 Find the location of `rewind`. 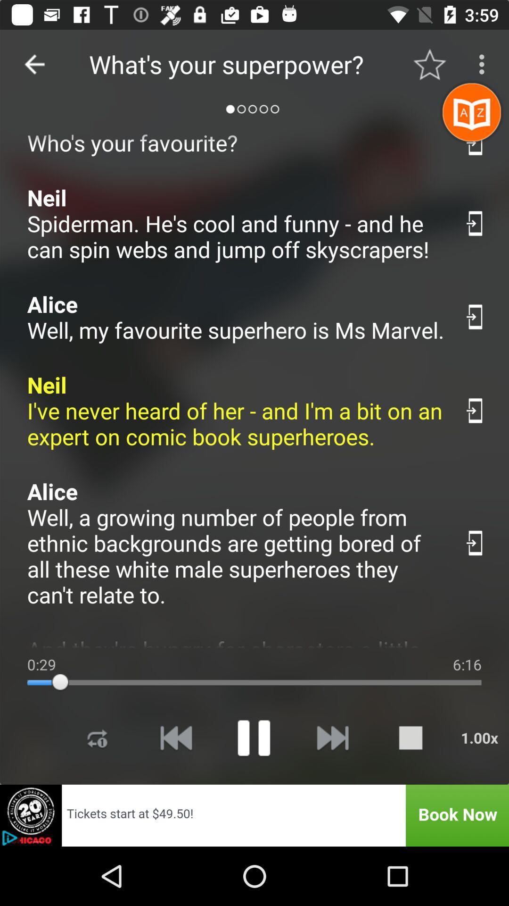

rewind is located at coordinates (176, 737).